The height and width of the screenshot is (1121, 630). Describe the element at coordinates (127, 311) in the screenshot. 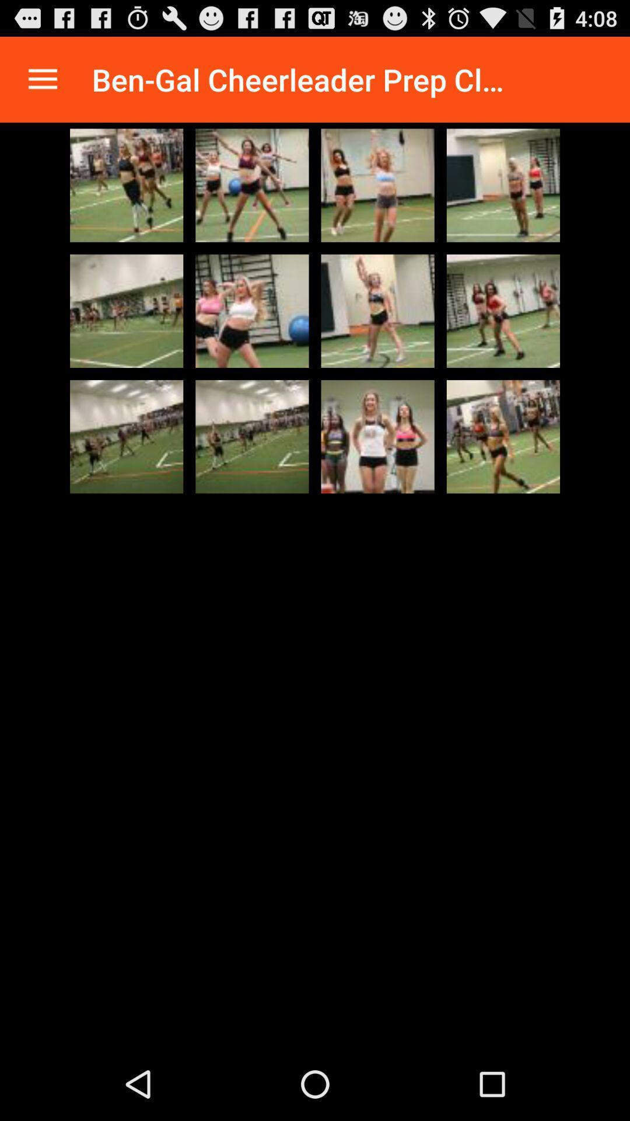

I see `hit the fifth option` at that location.